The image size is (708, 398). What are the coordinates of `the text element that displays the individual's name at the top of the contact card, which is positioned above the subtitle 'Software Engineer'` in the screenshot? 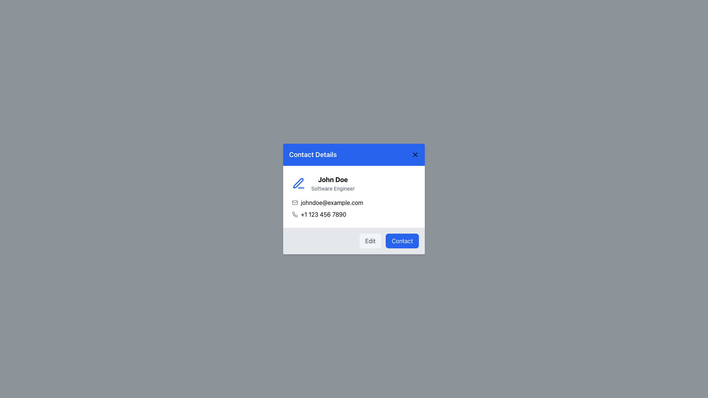 It's located at (333, 180).